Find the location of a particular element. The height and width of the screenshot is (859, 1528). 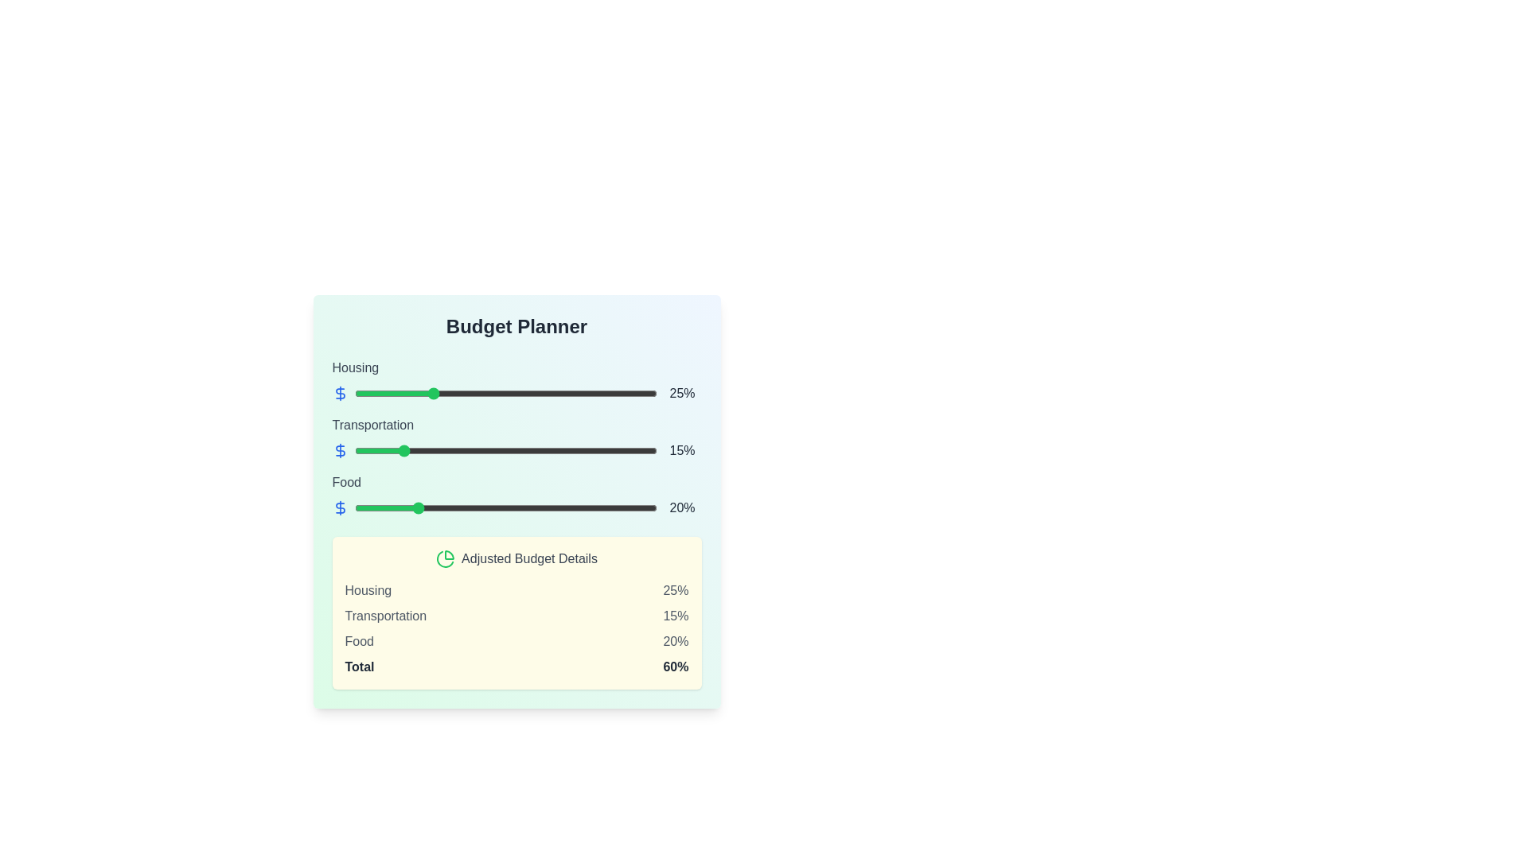

transportation budget percentage is located at coordinates (400, 451).